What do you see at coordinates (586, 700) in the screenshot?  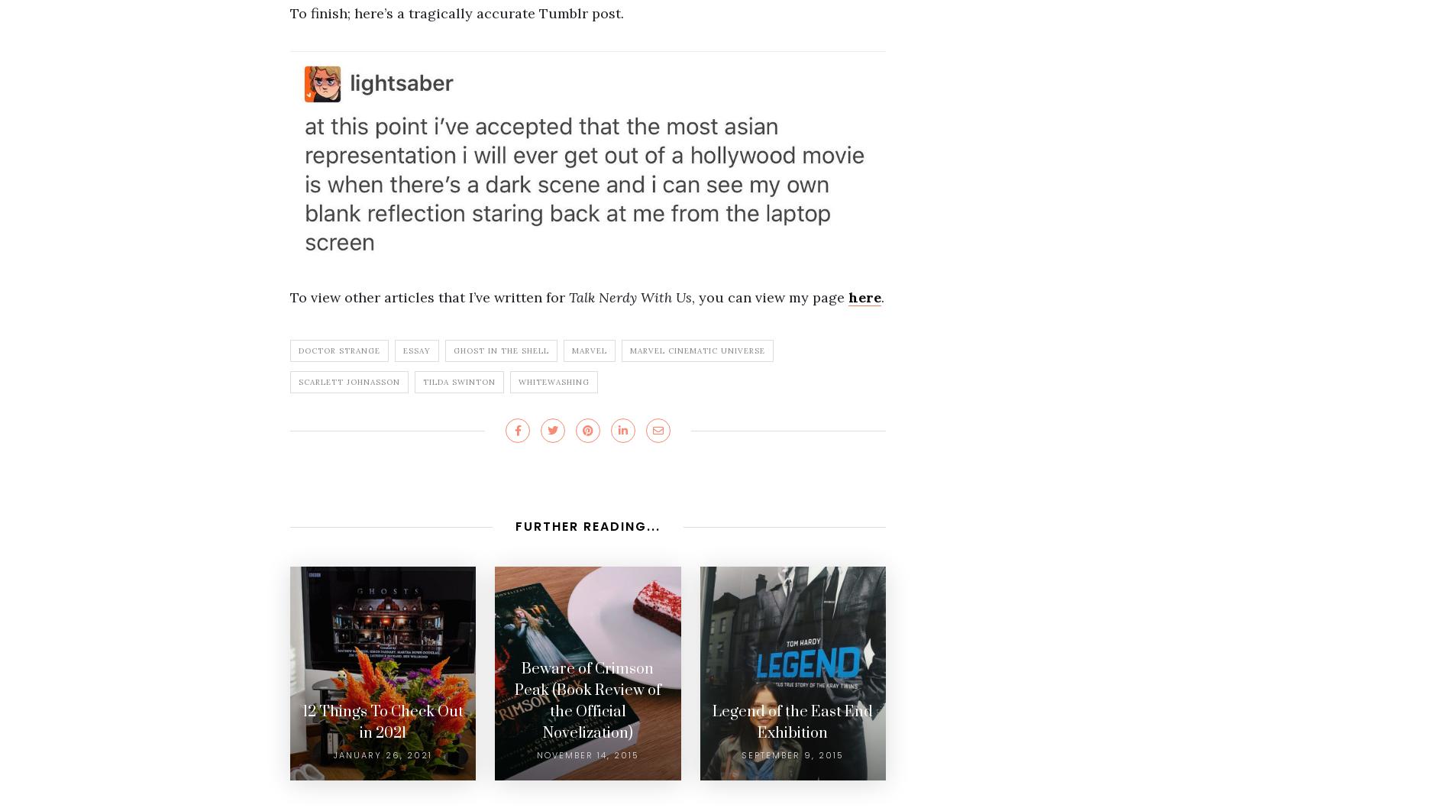 I see `'Beware of Crimson Peak (Book Review of the Official Novelization)'` at bounding box center [586, 700].